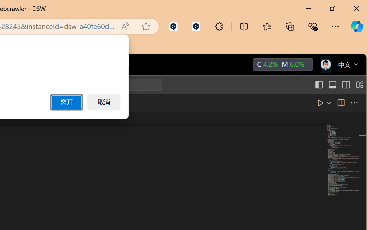 The image size is (368, 230). I want to click on 'Copilot (Ctrl+Shift+.)', so click(356, 26).